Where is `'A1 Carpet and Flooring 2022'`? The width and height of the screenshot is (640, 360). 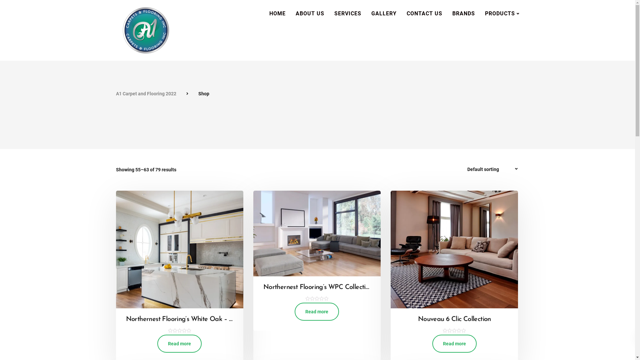
'A1 Carpet and Flooring 2022' is located at coordinates (116, 94).